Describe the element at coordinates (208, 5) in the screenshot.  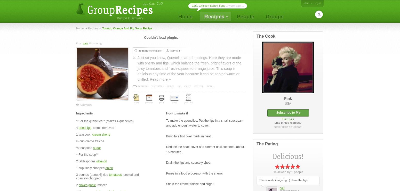
I see `'Easy Chicken Barley Soup'` at that location.